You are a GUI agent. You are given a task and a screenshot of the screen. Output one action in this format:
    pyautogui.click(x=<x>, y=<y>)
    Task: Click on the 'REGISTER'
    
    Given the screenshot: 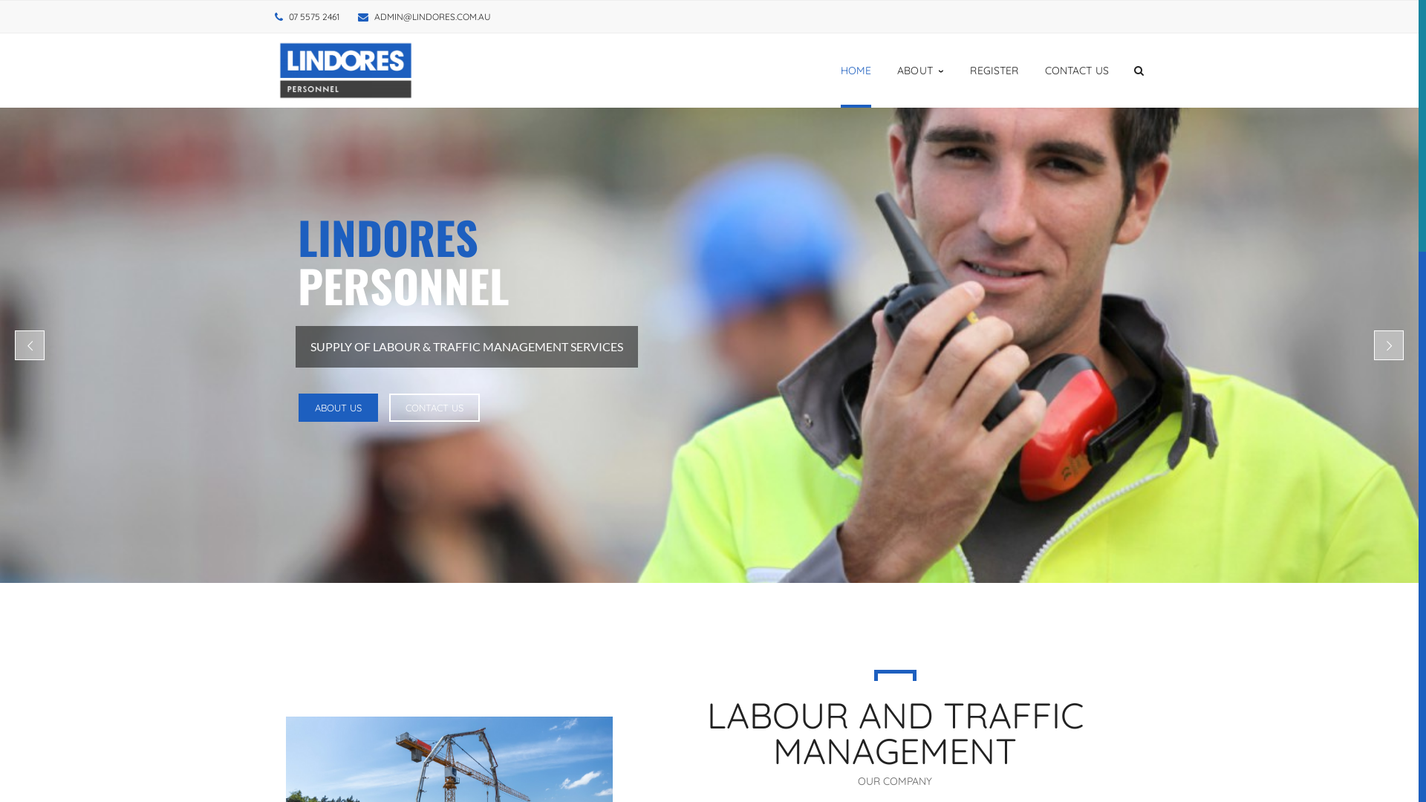 What is the action you would take?
    pyautogui.click(x=994, y=71)
    